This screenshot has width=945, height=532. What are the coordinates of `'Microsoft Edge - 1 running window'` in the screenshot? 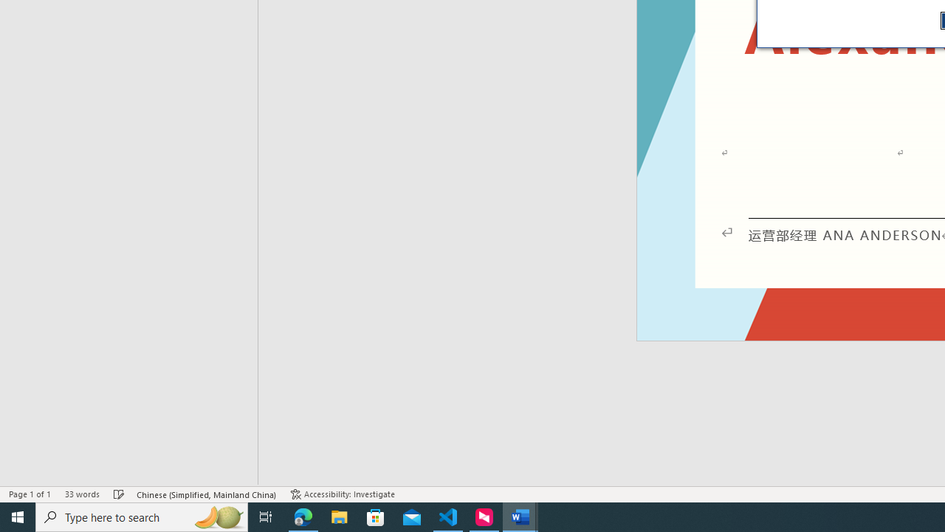 It's located at (303, 516).